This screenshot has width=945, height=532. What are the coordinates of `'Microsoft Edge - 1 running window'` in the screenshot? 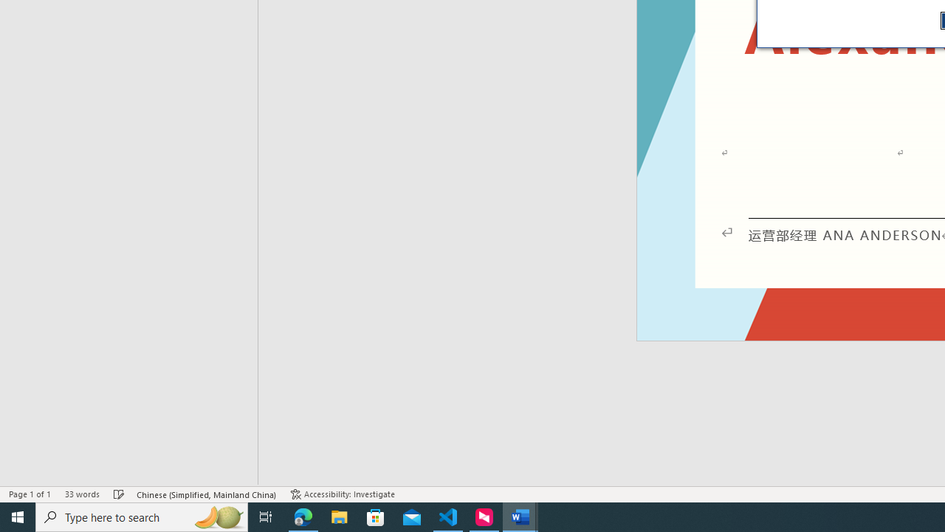 It's located at (303, 516).